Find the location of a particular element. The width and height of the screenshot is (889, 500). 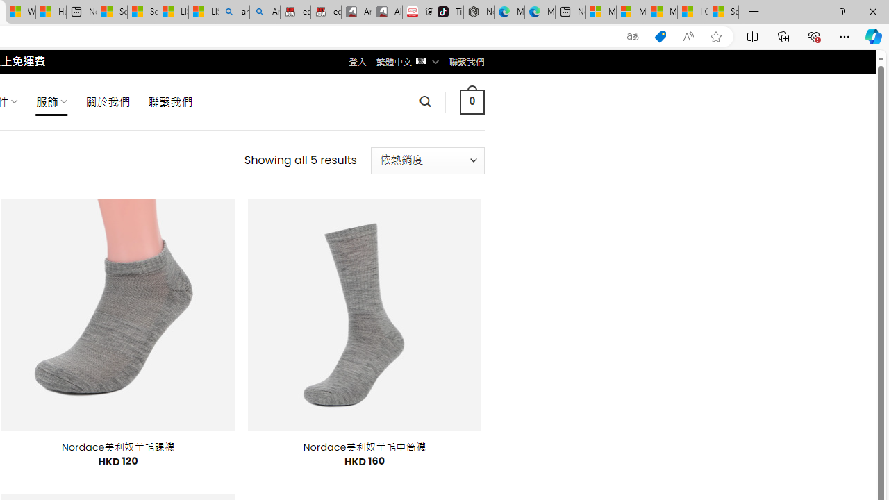

'Huge shark washes ashore at New York City beach | Watch' is located at coordinates (51, 12).